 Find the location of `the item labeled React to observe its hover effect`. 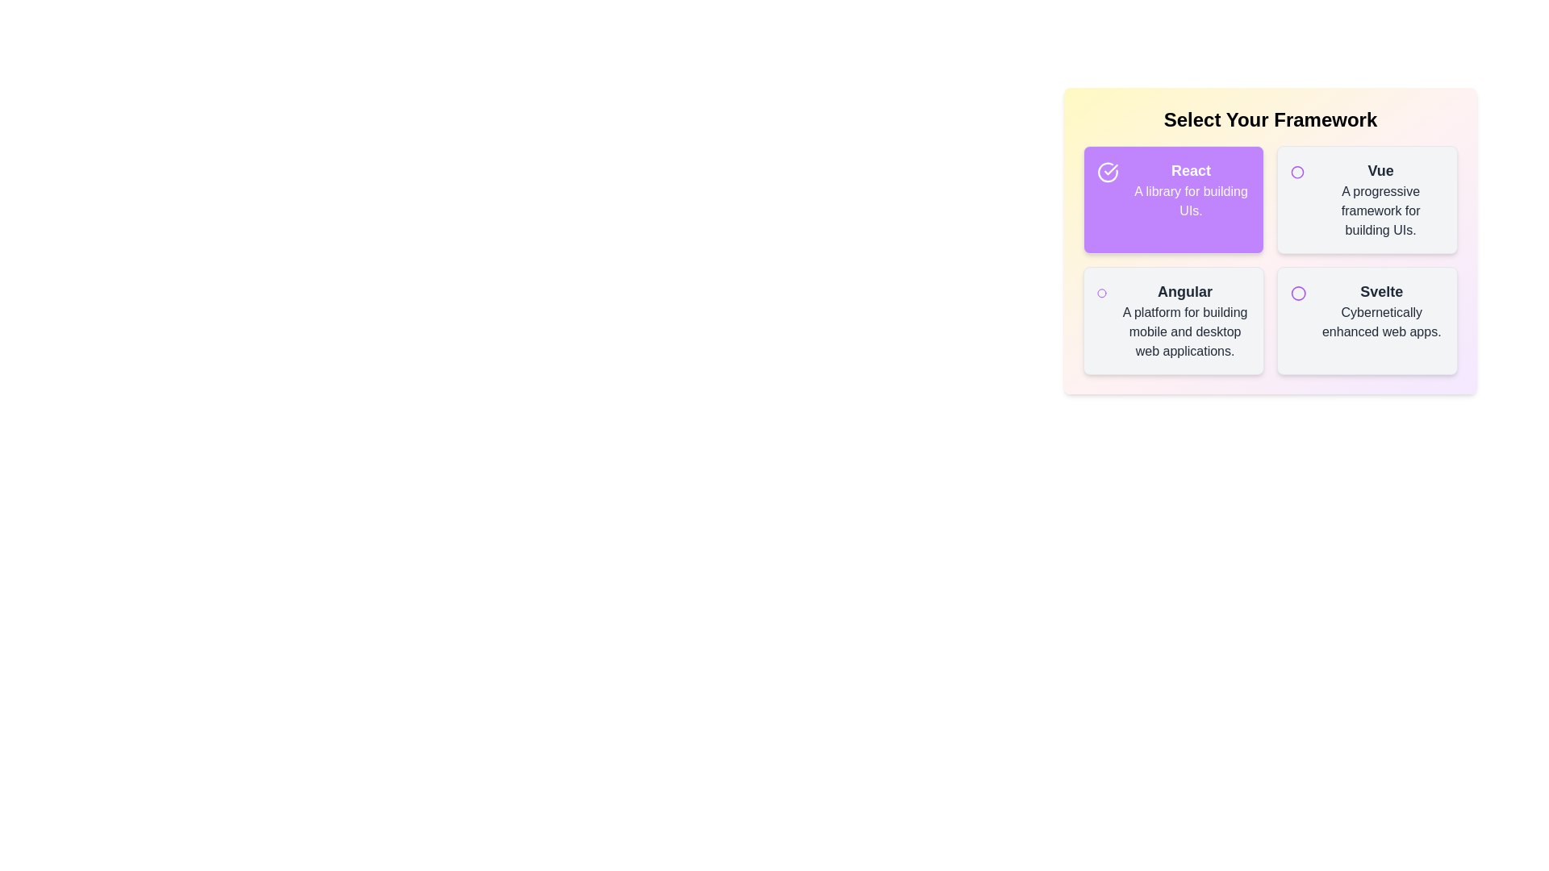

the item labeled React to observe its hover effect is located at coordinates (1173, 198).